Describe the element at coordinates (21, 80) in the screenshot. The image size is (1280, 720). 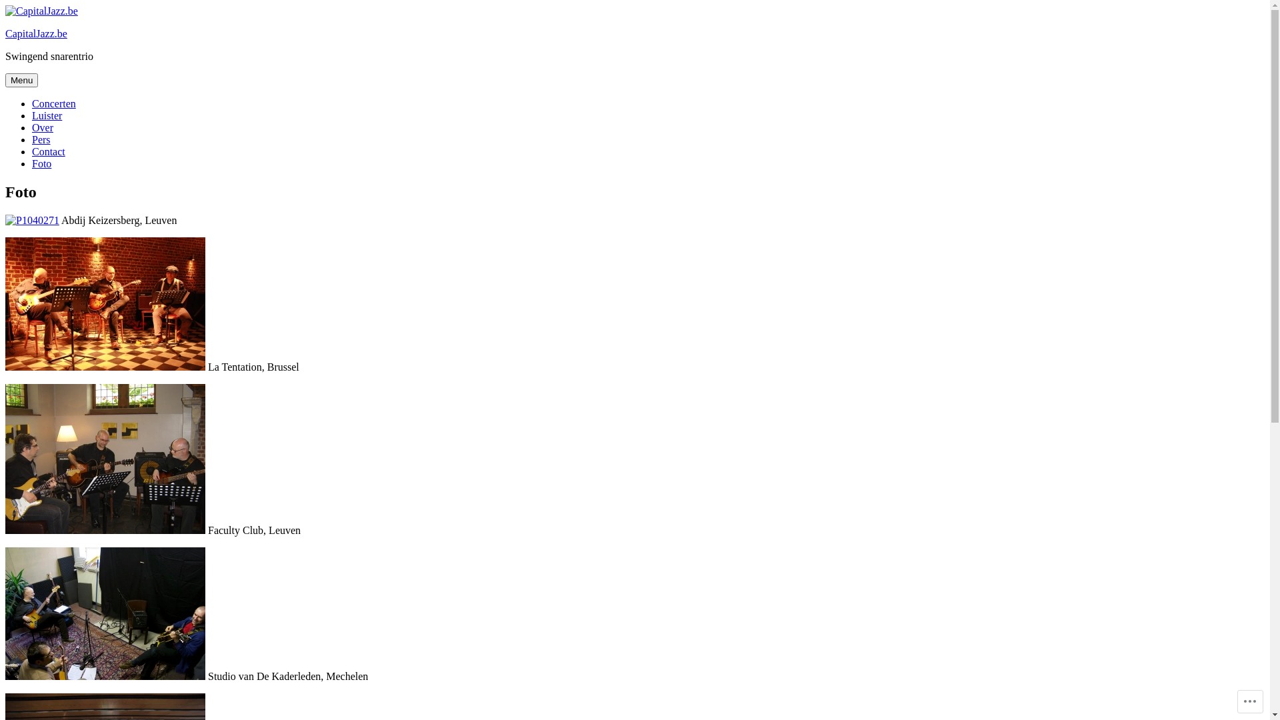
I see `'Menu'` at that location.